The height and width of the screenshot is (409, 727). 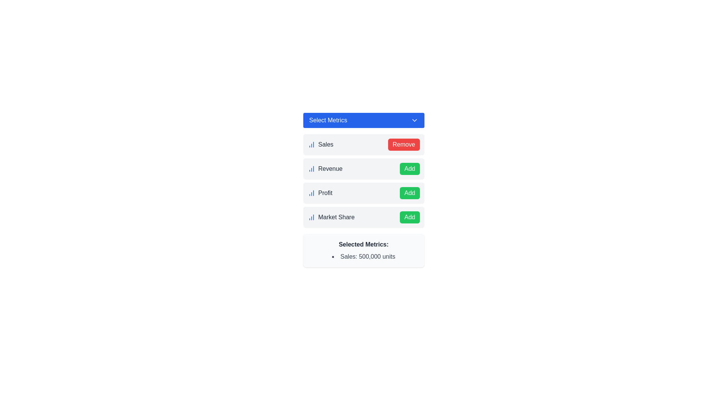 What do you see at coordinates (331, 217) in the screenshot?
I see `the label with an embedded blue icon that represents a selectable metric option, located in the leftmost position of its row, below 'Sales', 'Revenue', and 'Profit', and above 'Selected Metrics'` at bounding box center [331, 217].